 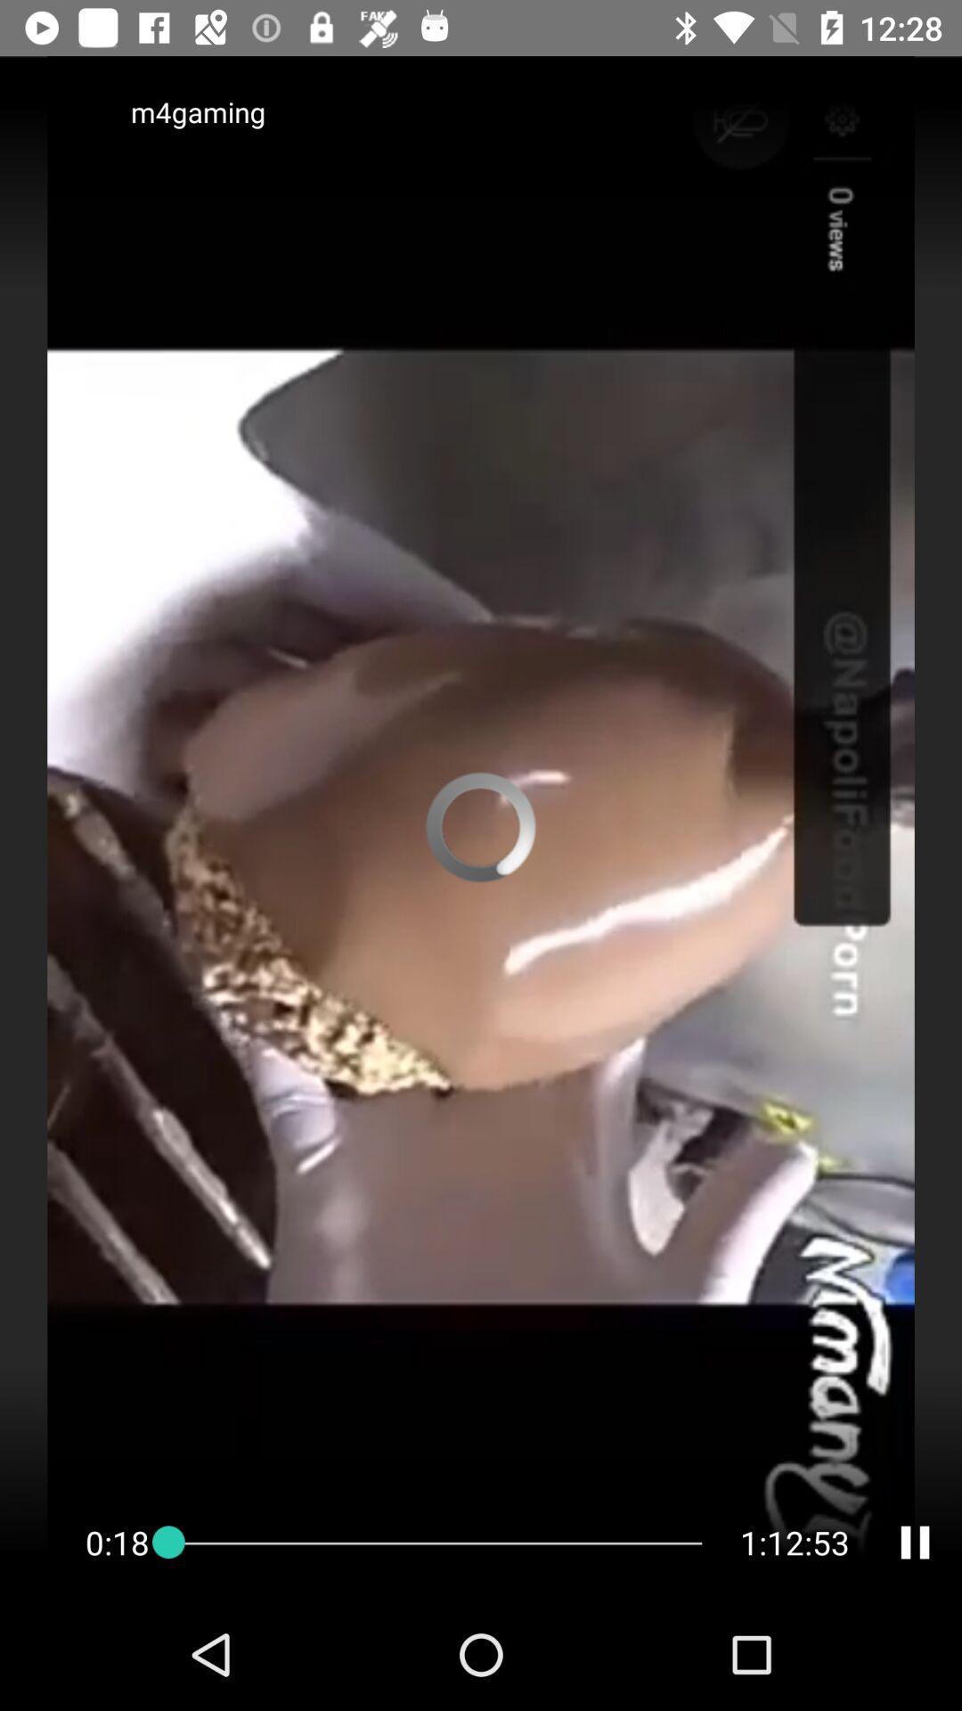 What do you see at coordinates (915, 1542) in the screenshot?
I see `the pause icon` at bounding box center [915, 1542].